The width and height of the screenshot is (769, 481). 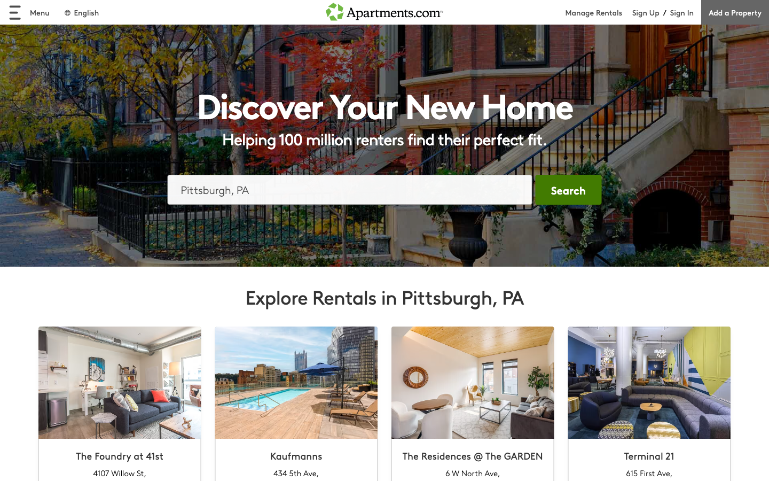 What do you see at coordinates (384, 12) in the screenshot?
I see `the home screen` at bounding box center [384, 12].